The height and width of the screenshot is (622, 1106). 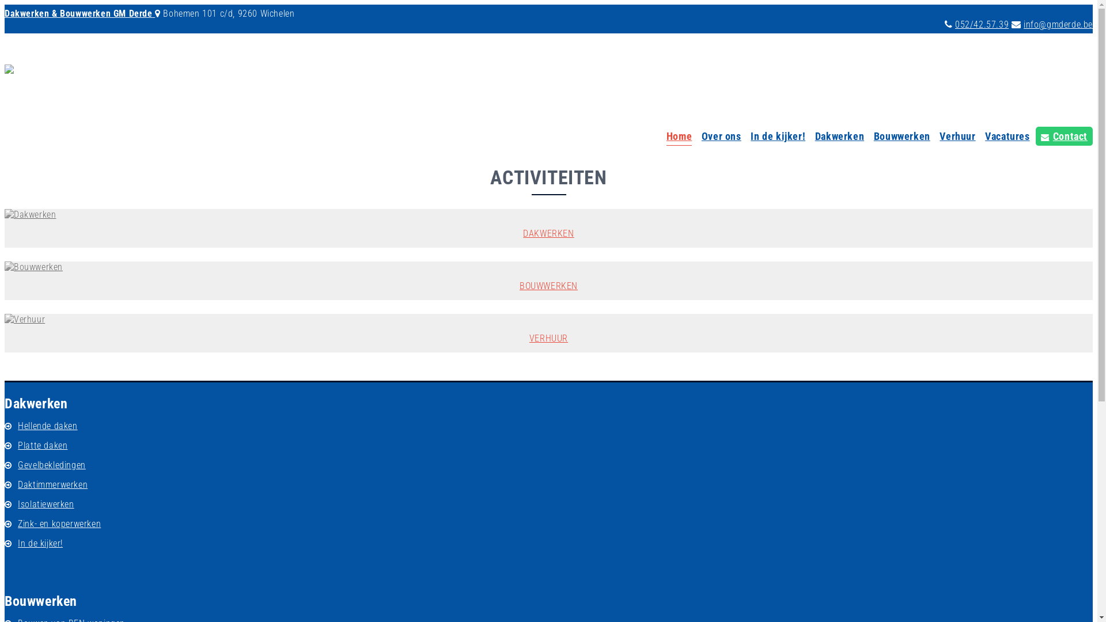 What do you see at coordinates (1006, 137) in the screenshot?
I see `'Vacatures'` at bounding box center [1006, 137].